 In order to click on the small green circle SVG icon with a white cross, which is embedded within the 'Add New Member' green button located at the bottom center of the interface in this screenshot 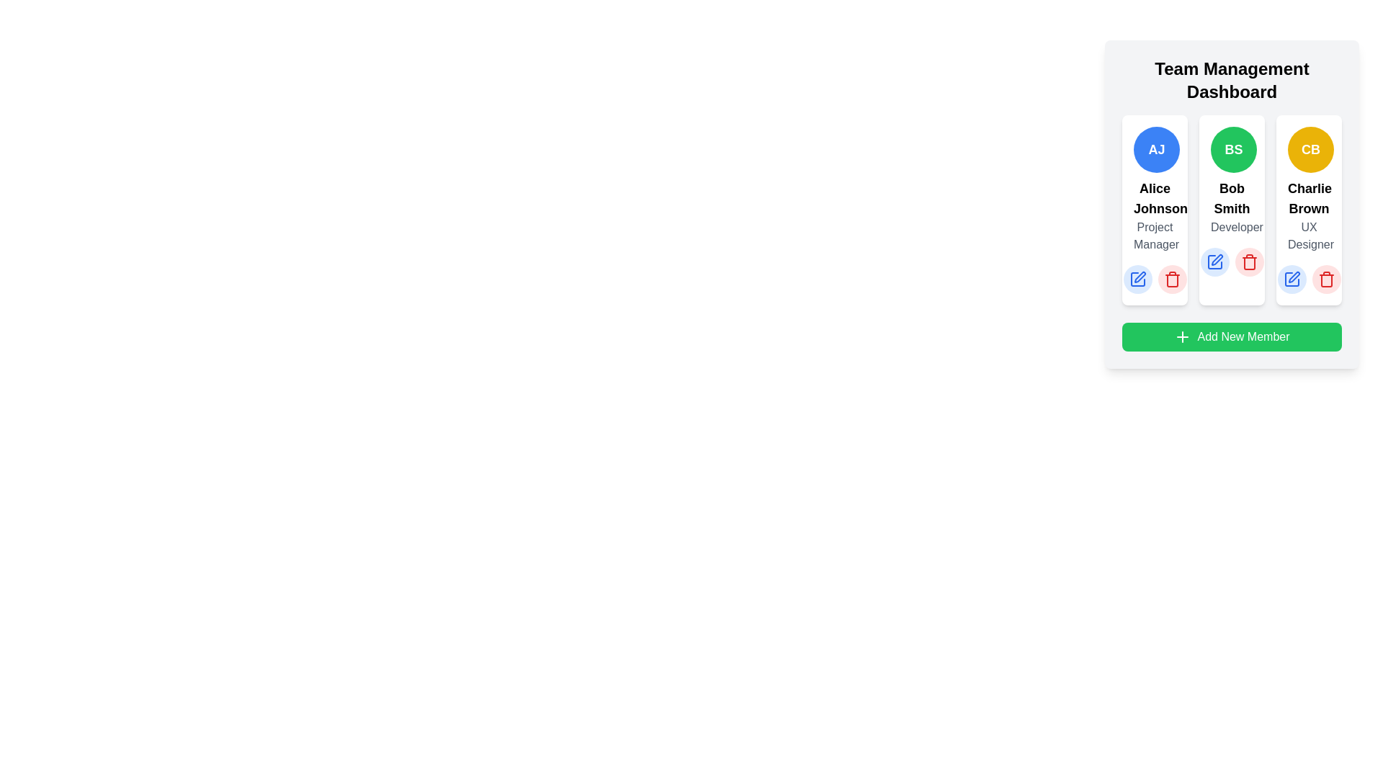, I will do `click(1183, 336)`.